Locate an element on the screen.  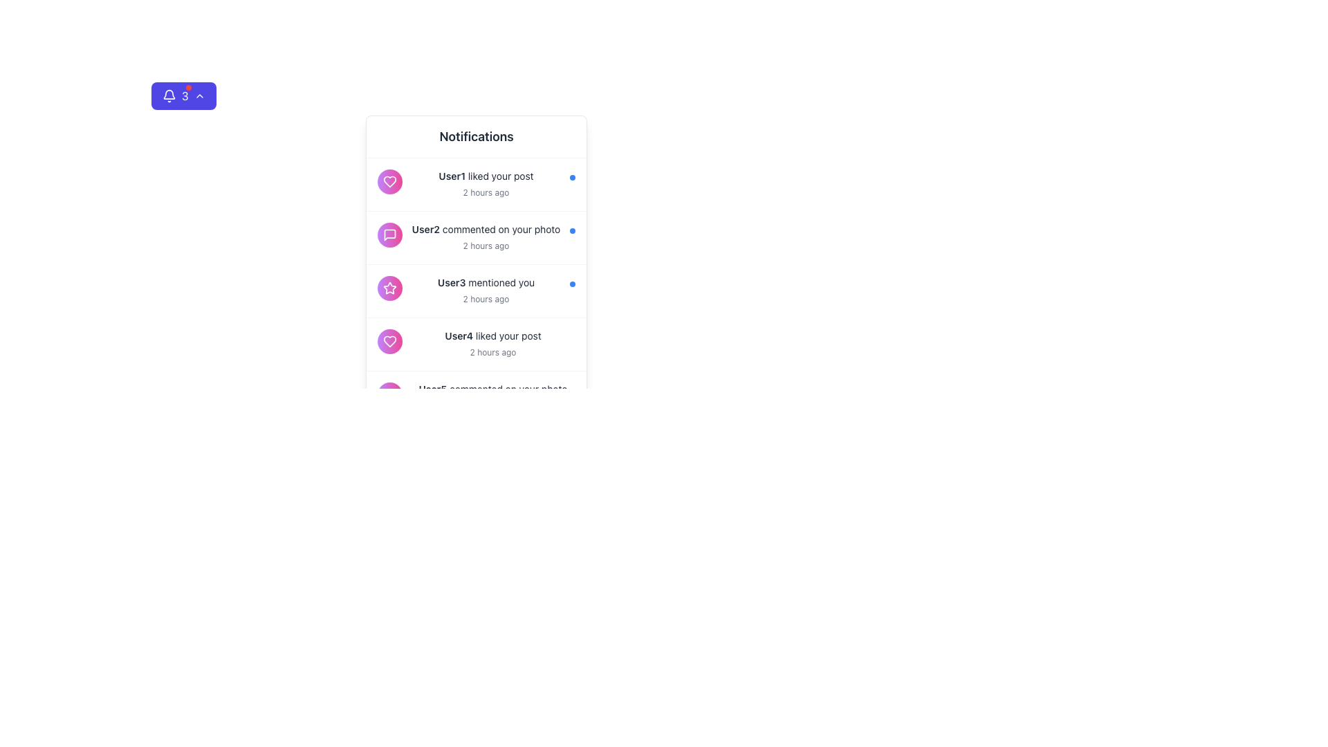
the fifth notification message item that informs the user 'User5 commented on your photo' located at the bottom of the notification panel is located at coordinates (477, 398).